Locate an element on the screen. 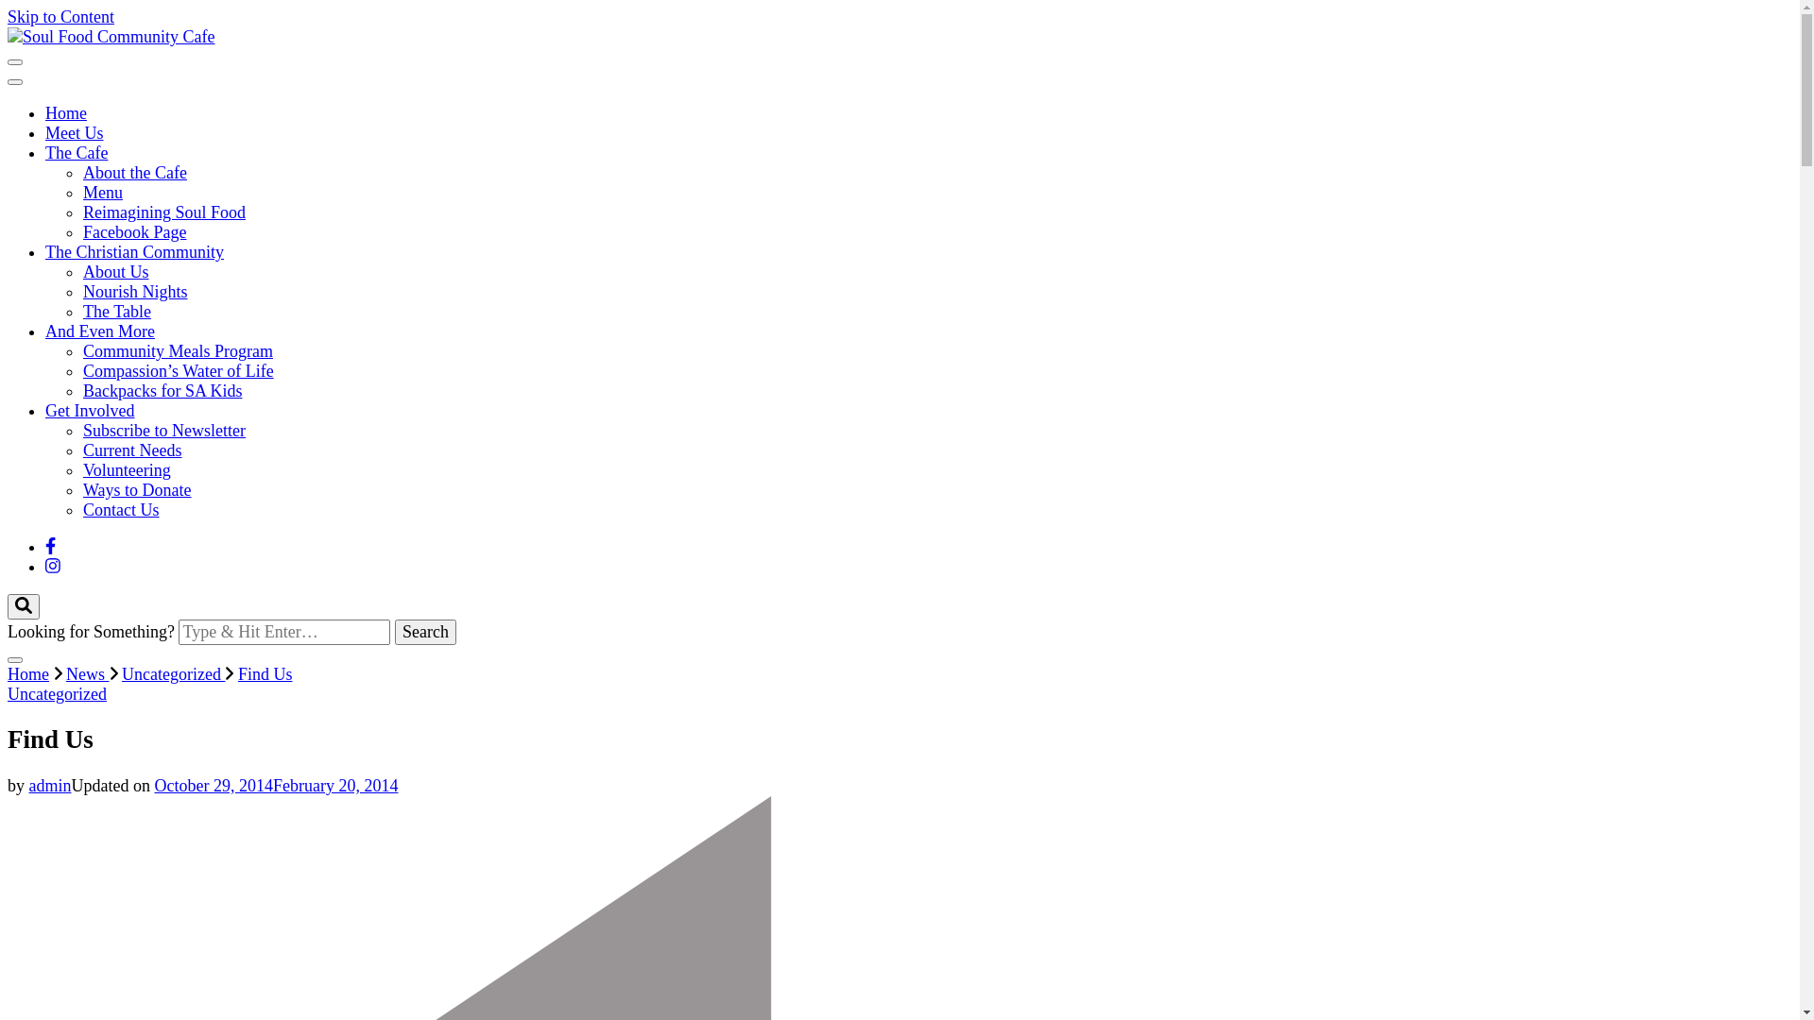 This screenshot has width=1814, height=1020. 'October 29, 2014February 20, 2014' is located at coordinates (275, 786).